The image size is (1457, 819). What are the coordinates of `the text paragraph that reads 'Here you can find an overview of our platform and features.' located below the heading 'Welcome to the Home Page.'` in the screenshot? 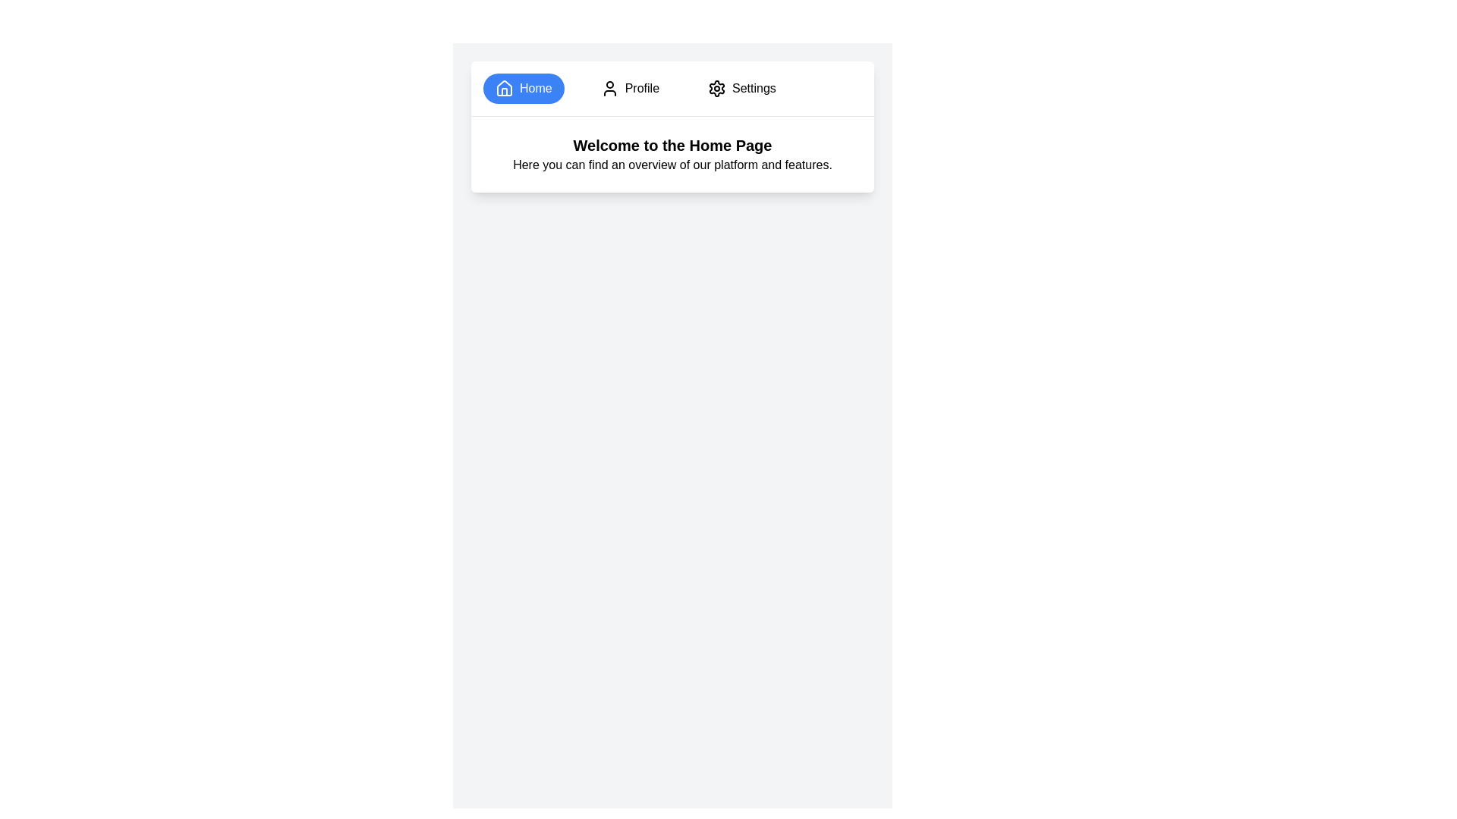 It's located at (672, 165).